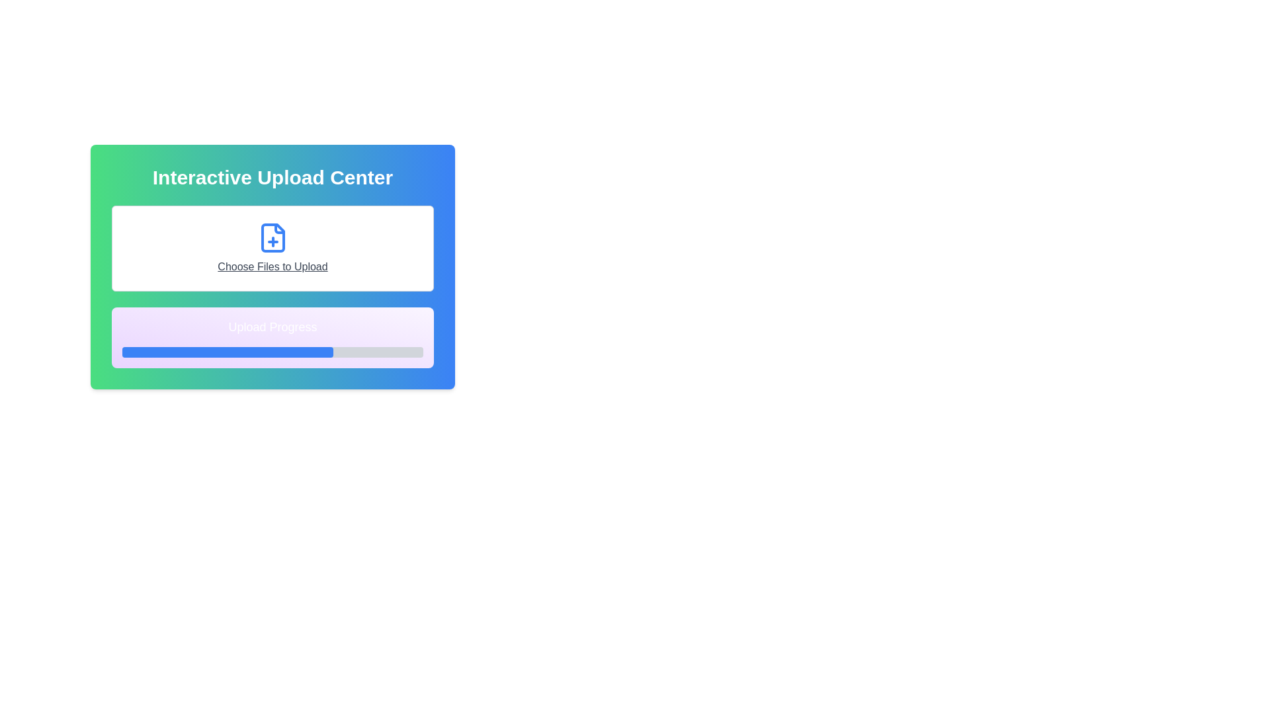 Image resolution: width=1270 pixels, height=714 pixels. Describe the element at coordinates (272, 351) in the screenshot. I see `the progress bar located at the bottom of the Upload Progress section, which visually indicates the completion percentage of an ongoing upload operation` at that location.